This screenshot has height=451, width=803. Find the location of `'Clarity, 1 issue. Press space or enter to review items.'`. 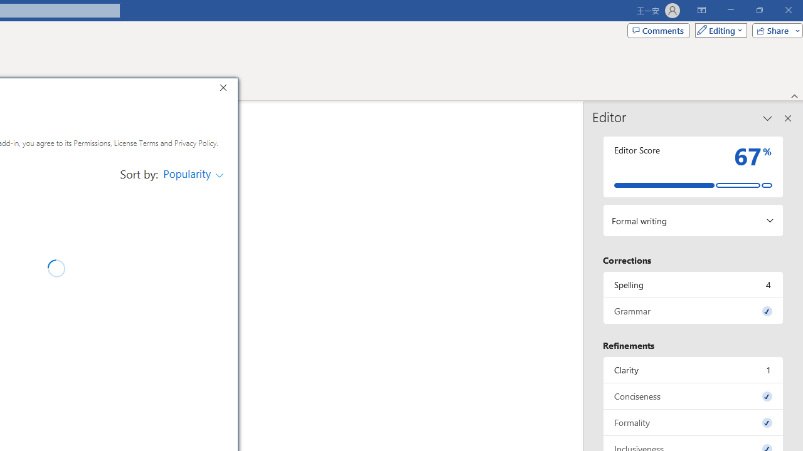

'Clarity, 1 issue. Press space or enter to review items.' is located at coordinates (693, 369).